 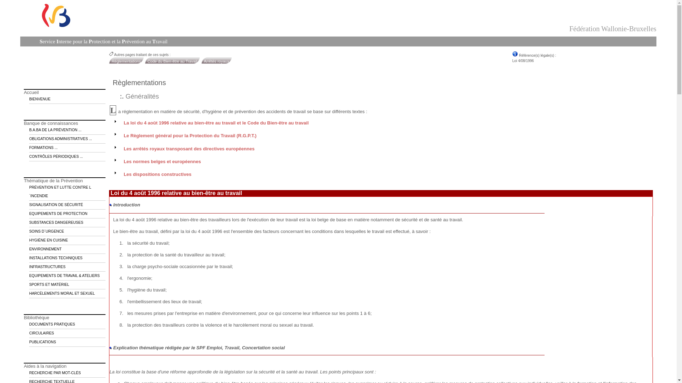 What do you see at coordinates (65, 342) in the screenshot?
I see `'PUBLICATIONS'` at bounding box center [65, 342].